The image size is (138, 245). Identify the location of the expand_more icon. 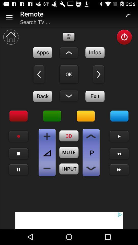
(69, 95).